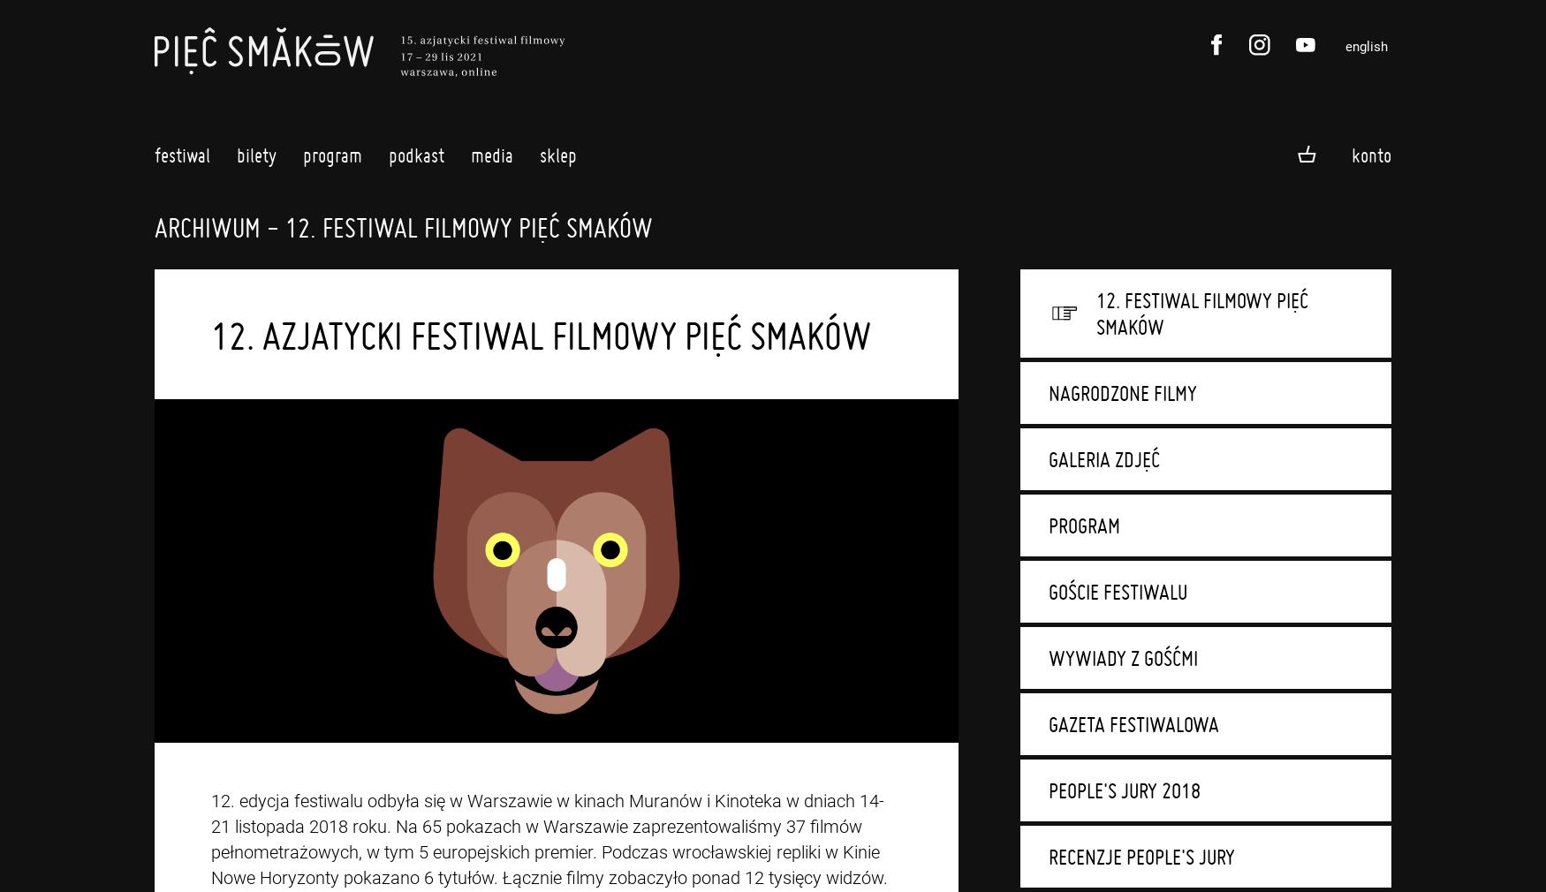  I want to click on 'People's Jury 2018', so click(1048, 790).